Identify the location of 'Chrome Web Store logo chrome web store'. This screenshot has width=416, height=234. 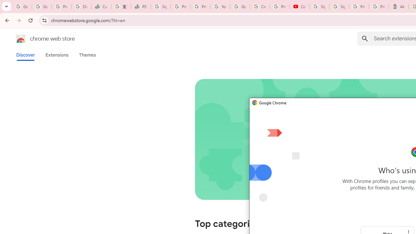
(38, 39).